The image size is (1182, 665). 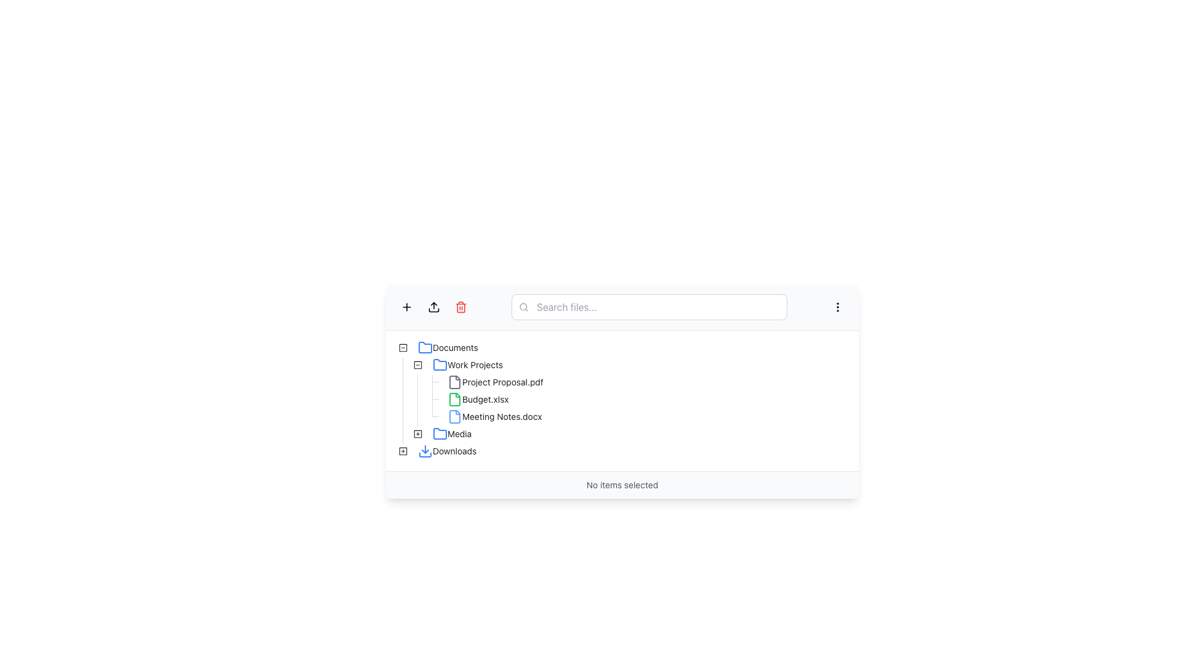 I want to click on the icon button next to the 'Media' folder in the file explorer, so click(x=417, y=433).